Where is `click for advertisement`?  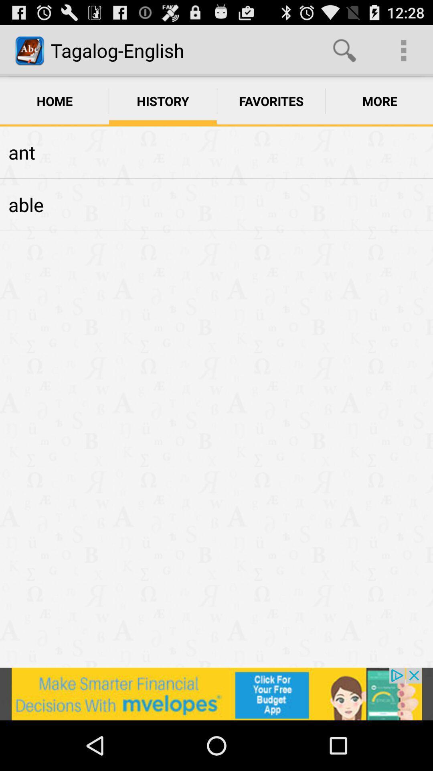
click for advertisement is located at coordinates (216, 693).